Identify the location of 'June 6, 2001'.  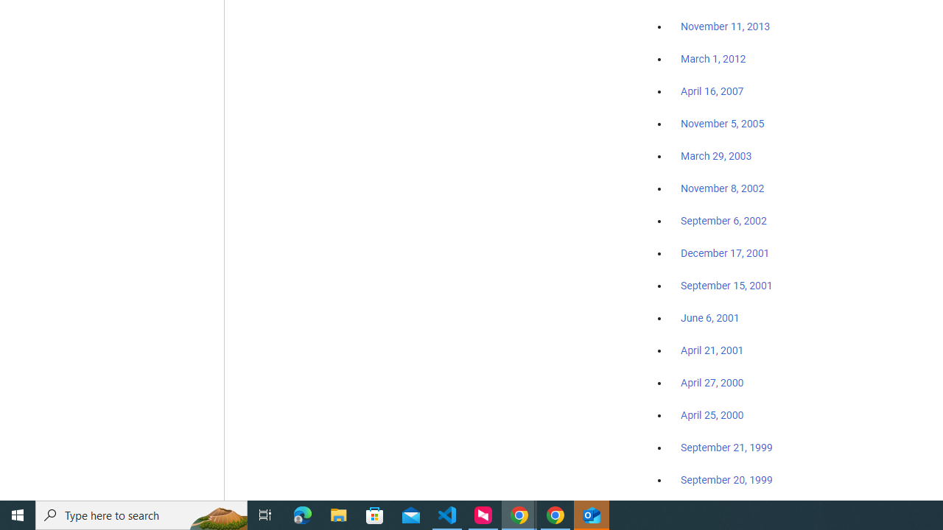
(709, 317).